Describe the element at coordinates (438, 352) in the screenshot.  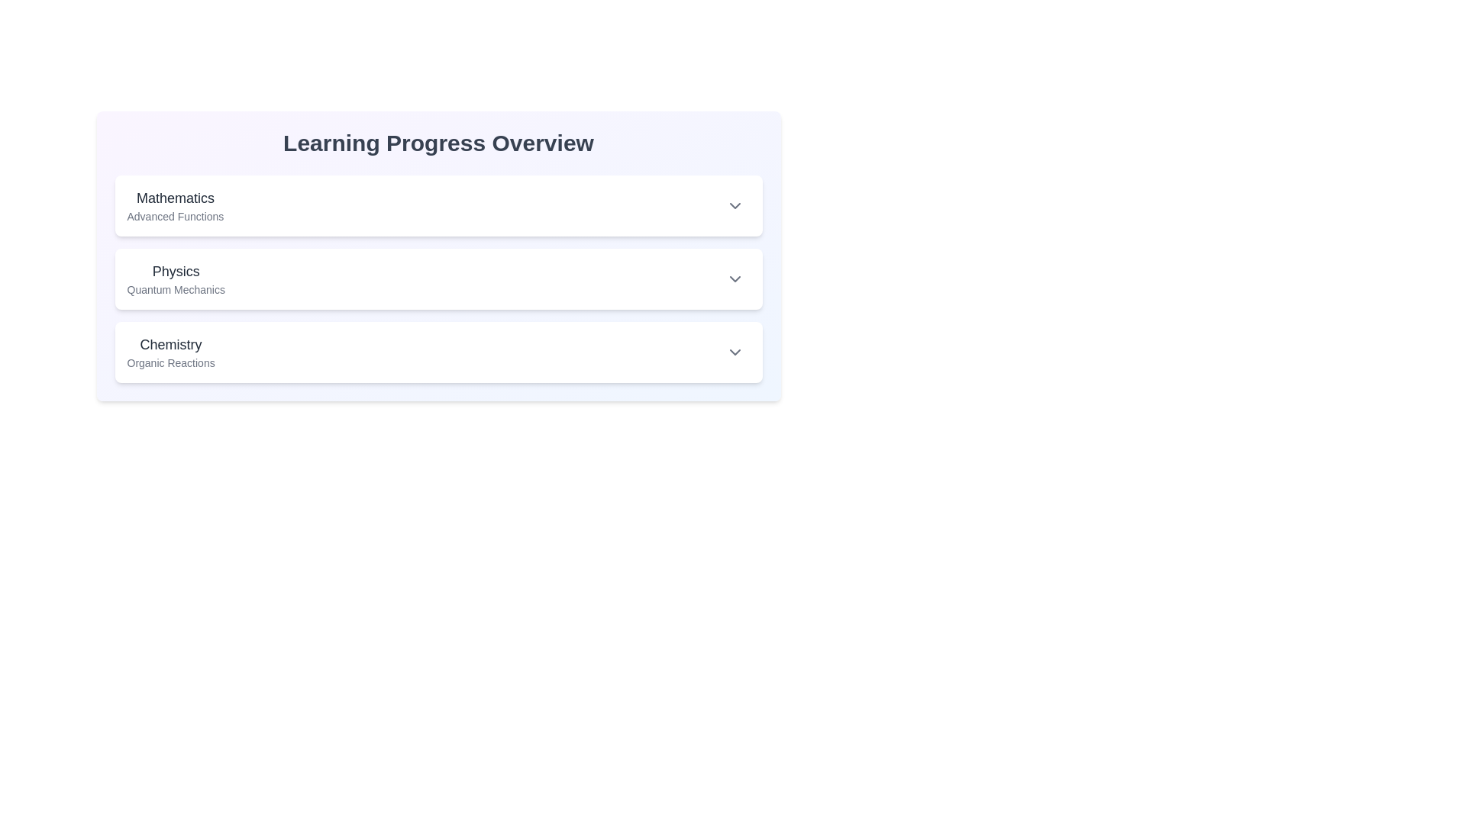
I see `the Collapsible category header titled 'Chemistry' for navigation by clicking on the drop-down arrow icon located on the right` at that location.